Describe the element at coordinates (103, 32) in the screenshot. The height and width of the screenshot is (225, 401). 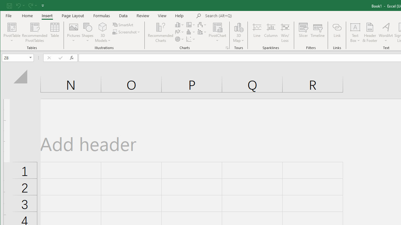
I see `'3D Models'` at that location.